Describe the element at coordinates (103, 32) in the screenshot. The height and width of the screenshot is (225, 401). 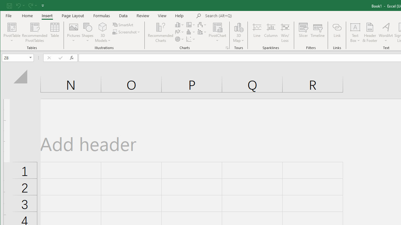
I see `'3D Models'` at that location.